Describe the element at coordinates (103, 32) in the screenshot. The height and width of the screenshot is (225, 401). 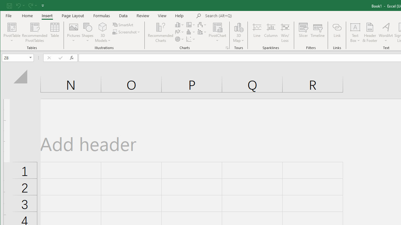
I see `'3D Models'` at that location.